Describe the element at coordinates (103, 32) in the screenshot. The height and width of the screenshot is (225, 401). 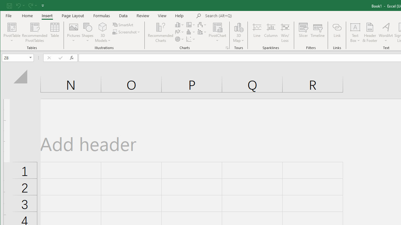
I see `'3D Models'` at that location.